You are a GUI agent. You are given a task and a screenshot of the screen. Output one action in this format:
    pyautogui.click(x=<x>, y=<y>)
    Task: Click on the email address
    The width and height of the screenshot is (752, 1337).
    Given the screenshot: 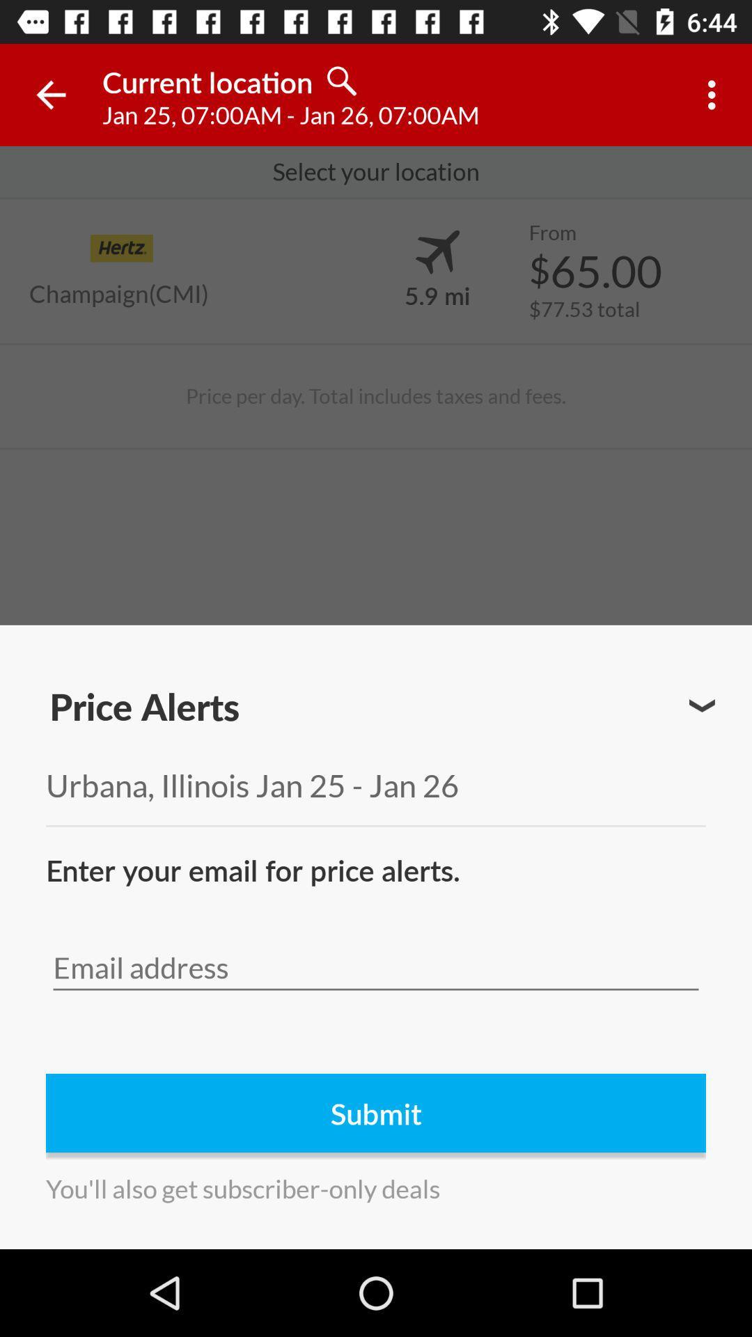 What is the action you would take?
    pyautogui.click(x=376, y=967)
    